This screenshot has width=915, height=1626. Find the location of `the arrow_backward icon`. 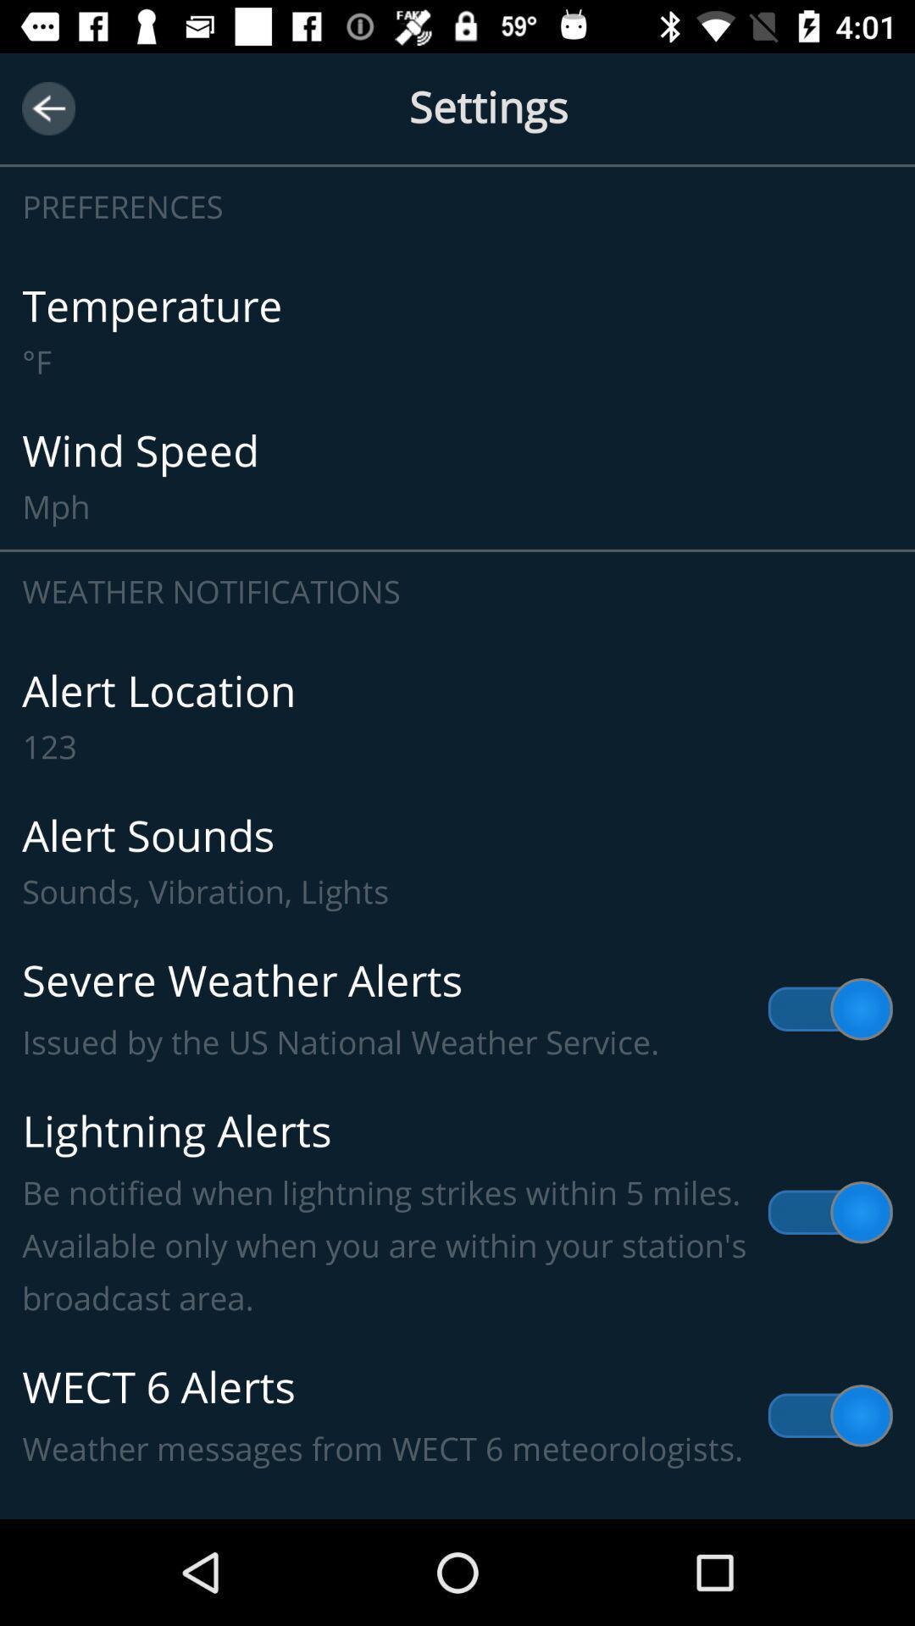

the arrow_backward icon is located at coordinates (47, 108).